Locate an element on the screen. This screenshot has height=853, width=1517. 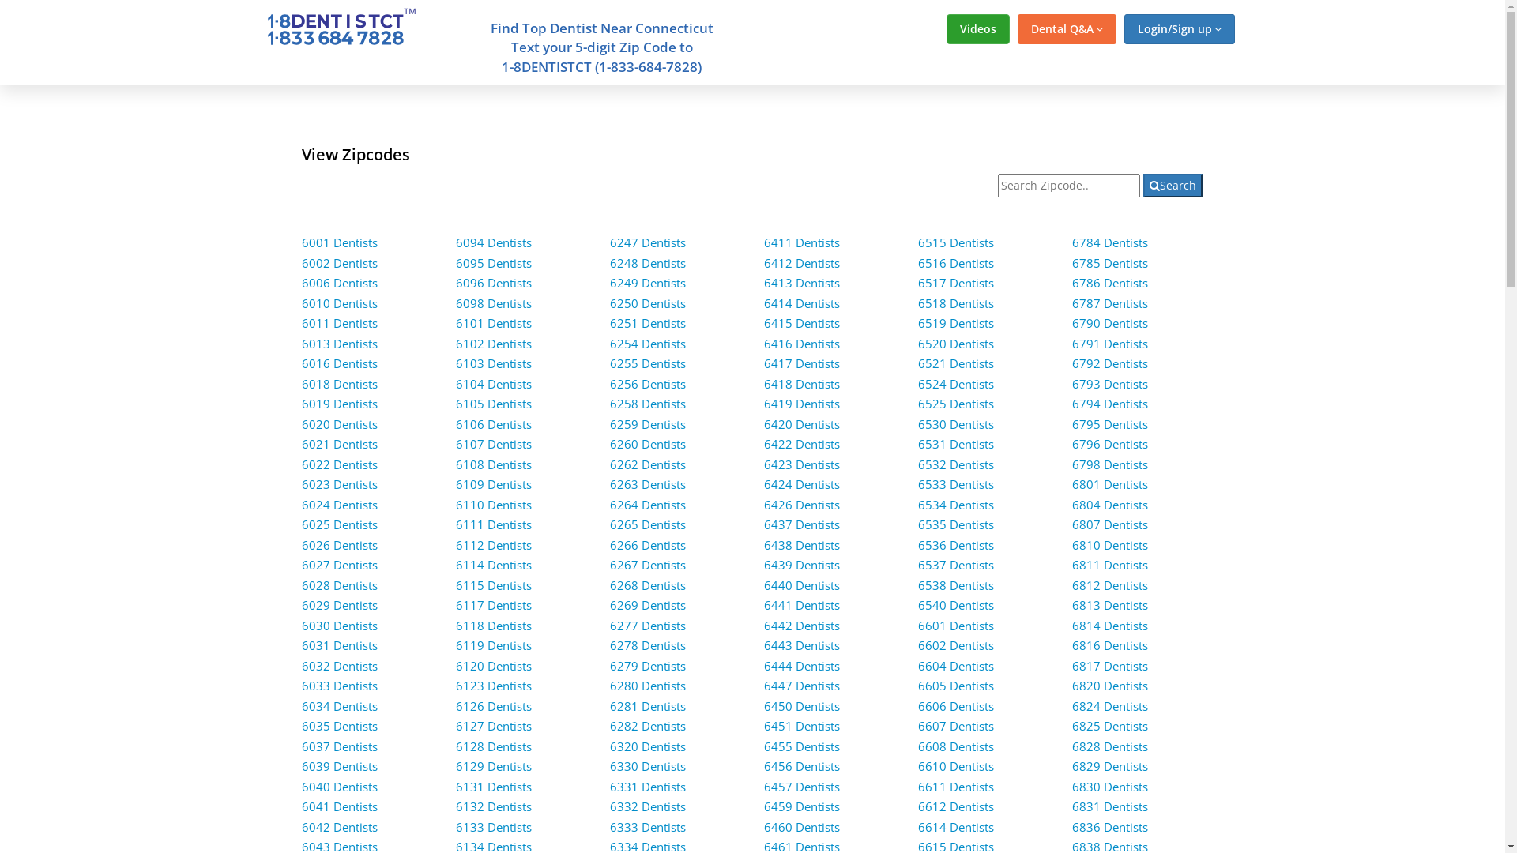
'6816 Dentists' is located at coordinates (1109, 645).